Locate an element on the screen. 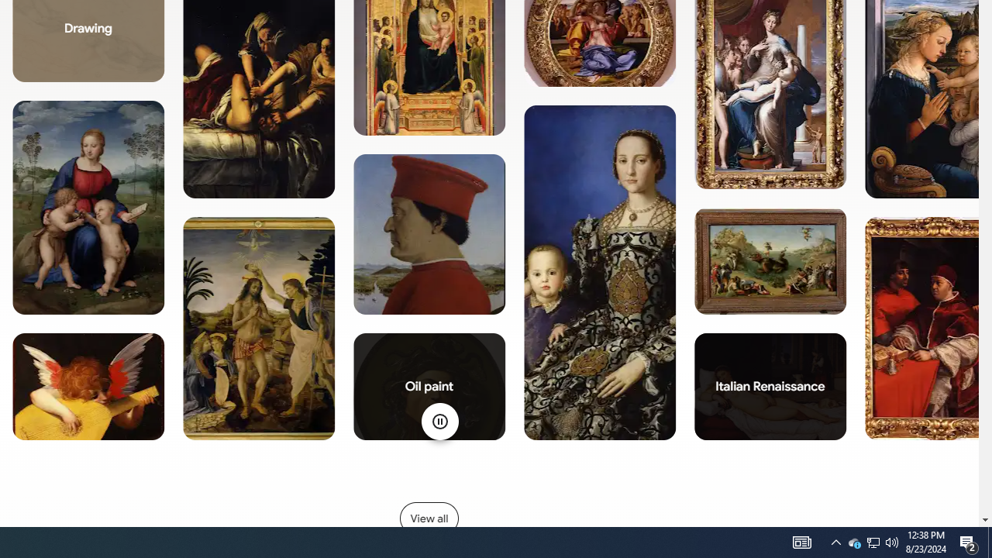 The width and height of the screenshot is (992, 558). 'Pause animation' is located at coordinates (439, 421).